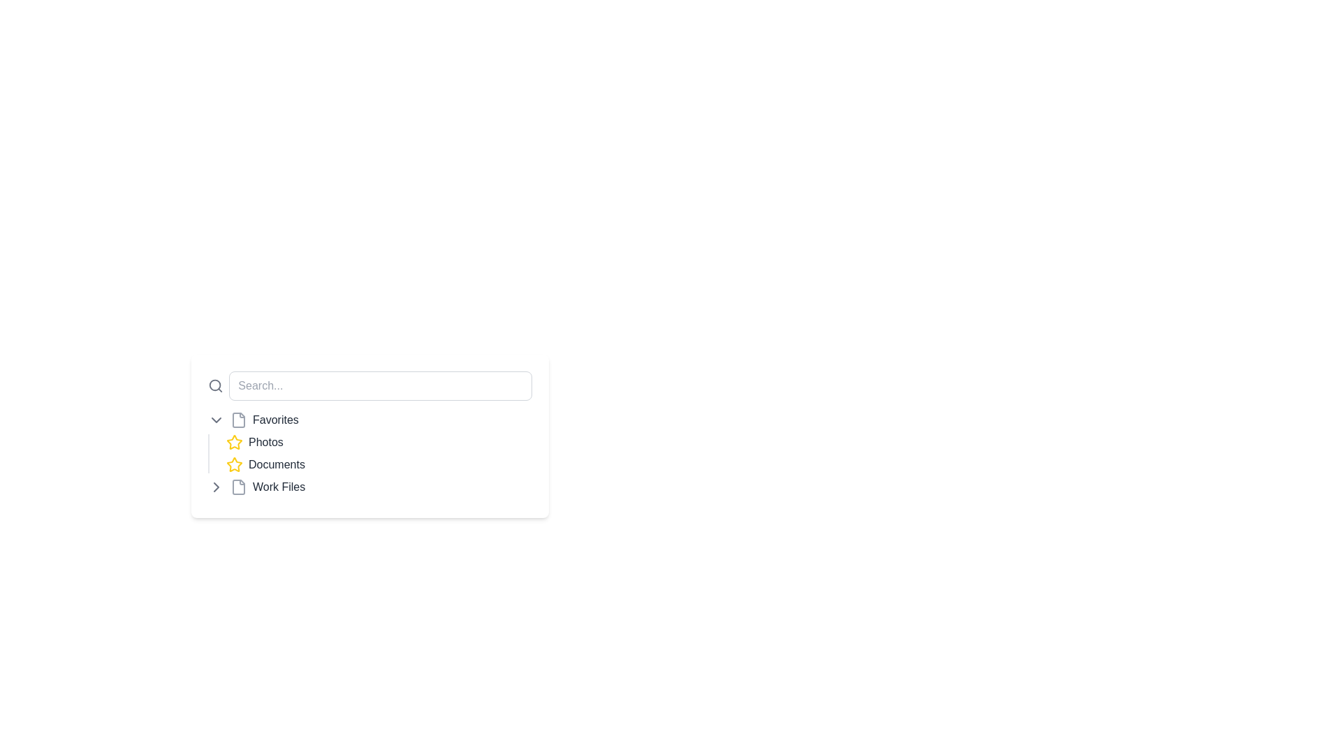 Image resolution: width=1341 pixels, height=754 pixels. I want to click on the 'Favorites' text label, so click(275, 419).